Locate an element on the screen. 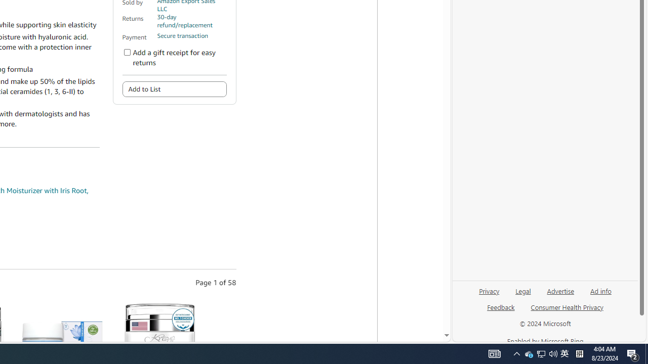  'Advertise' is located at coordinates (560, 295).